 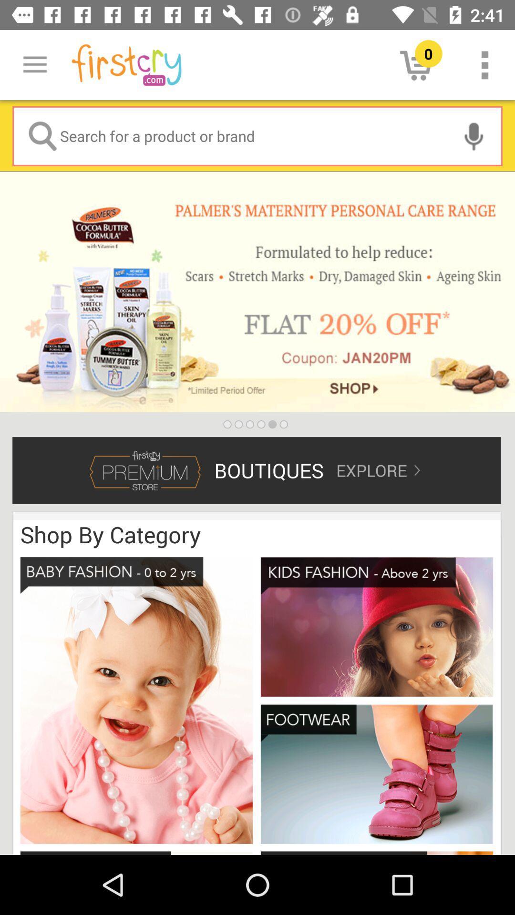 I want to click on the microphone icon, so click(x=474, y=135).